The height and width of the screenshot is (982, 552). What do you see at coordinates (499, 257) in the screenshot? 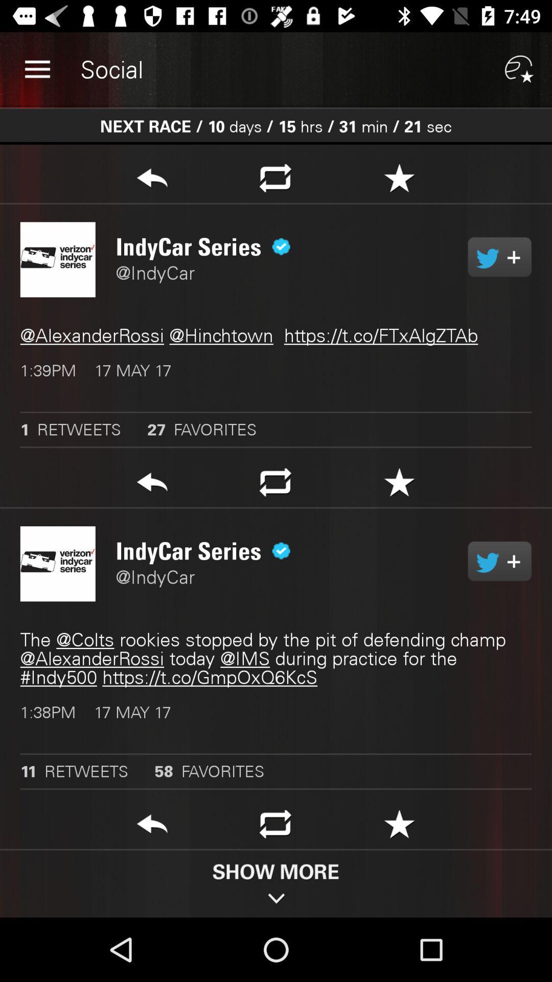
I see `retweet` at bounding box center [499, 257].